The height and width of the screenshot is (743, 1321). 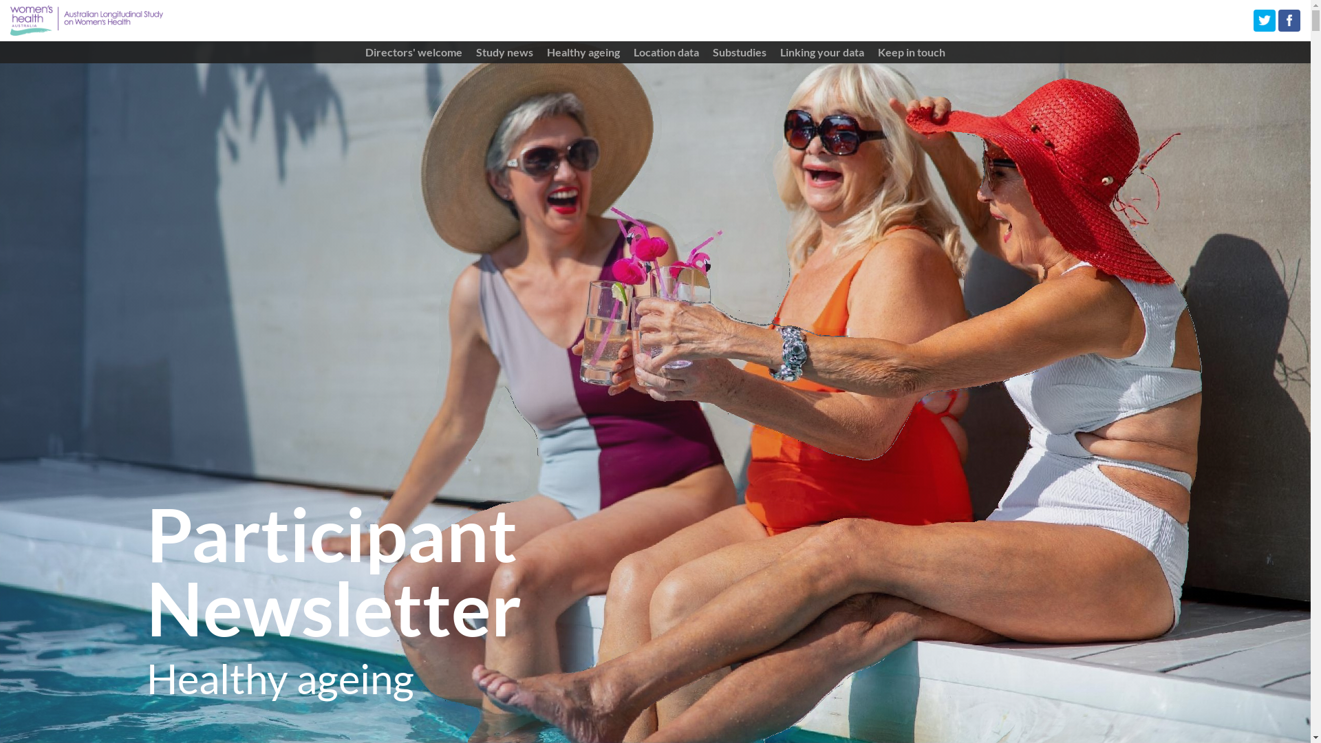 What do you see at coordinates (666, 52) in the screenshot?
I see `'Location data'` at bounding box center [666, 52].